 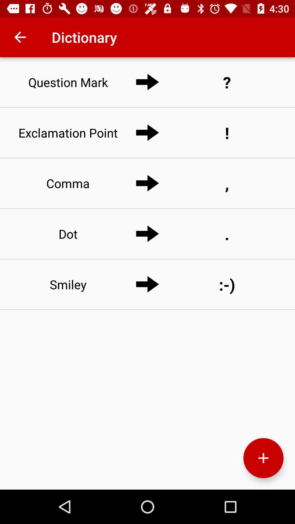 I want to click on the icon at the bottom right corner, so click(x=263, y=458).